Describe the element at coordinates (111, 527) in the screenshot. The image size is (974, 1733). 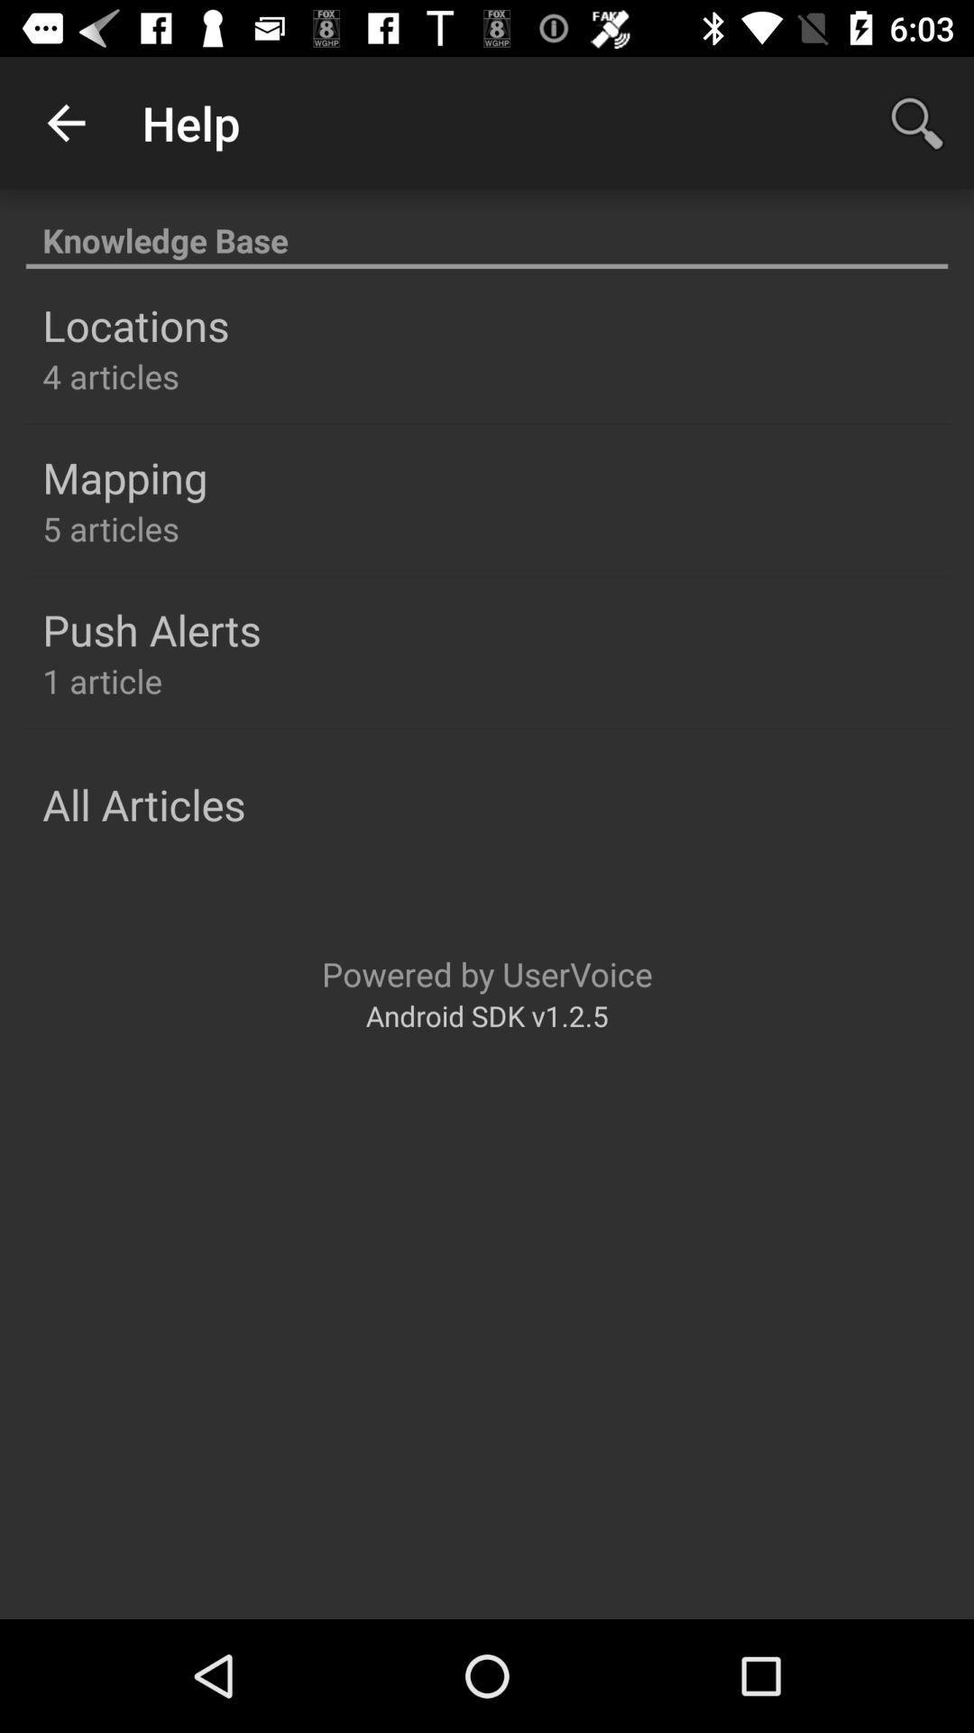
I see `the 5 articles` at that location.